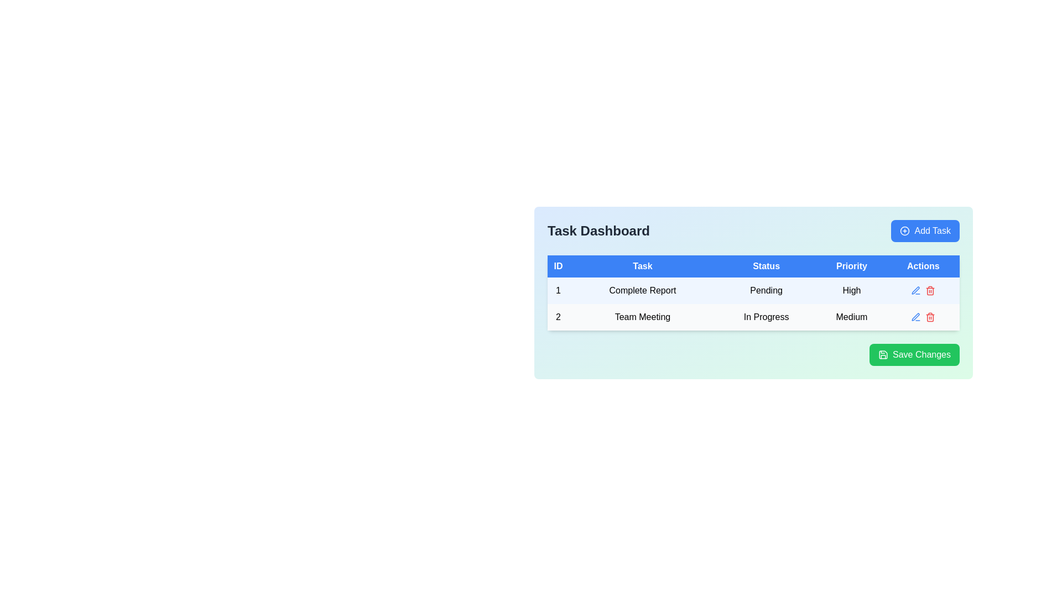 The width and height of the screenshot is (1062, 597). I want to click on the second row of the task dashboard table, which represents a task entry allowing actions, so click(753, 317).